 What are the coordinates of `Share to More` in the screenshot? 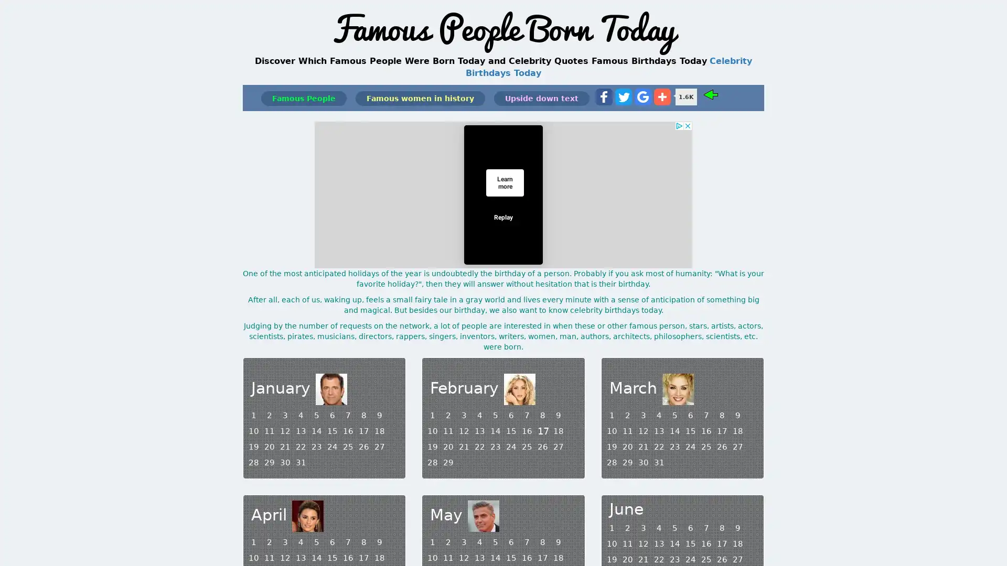 It's located at (661, 96).